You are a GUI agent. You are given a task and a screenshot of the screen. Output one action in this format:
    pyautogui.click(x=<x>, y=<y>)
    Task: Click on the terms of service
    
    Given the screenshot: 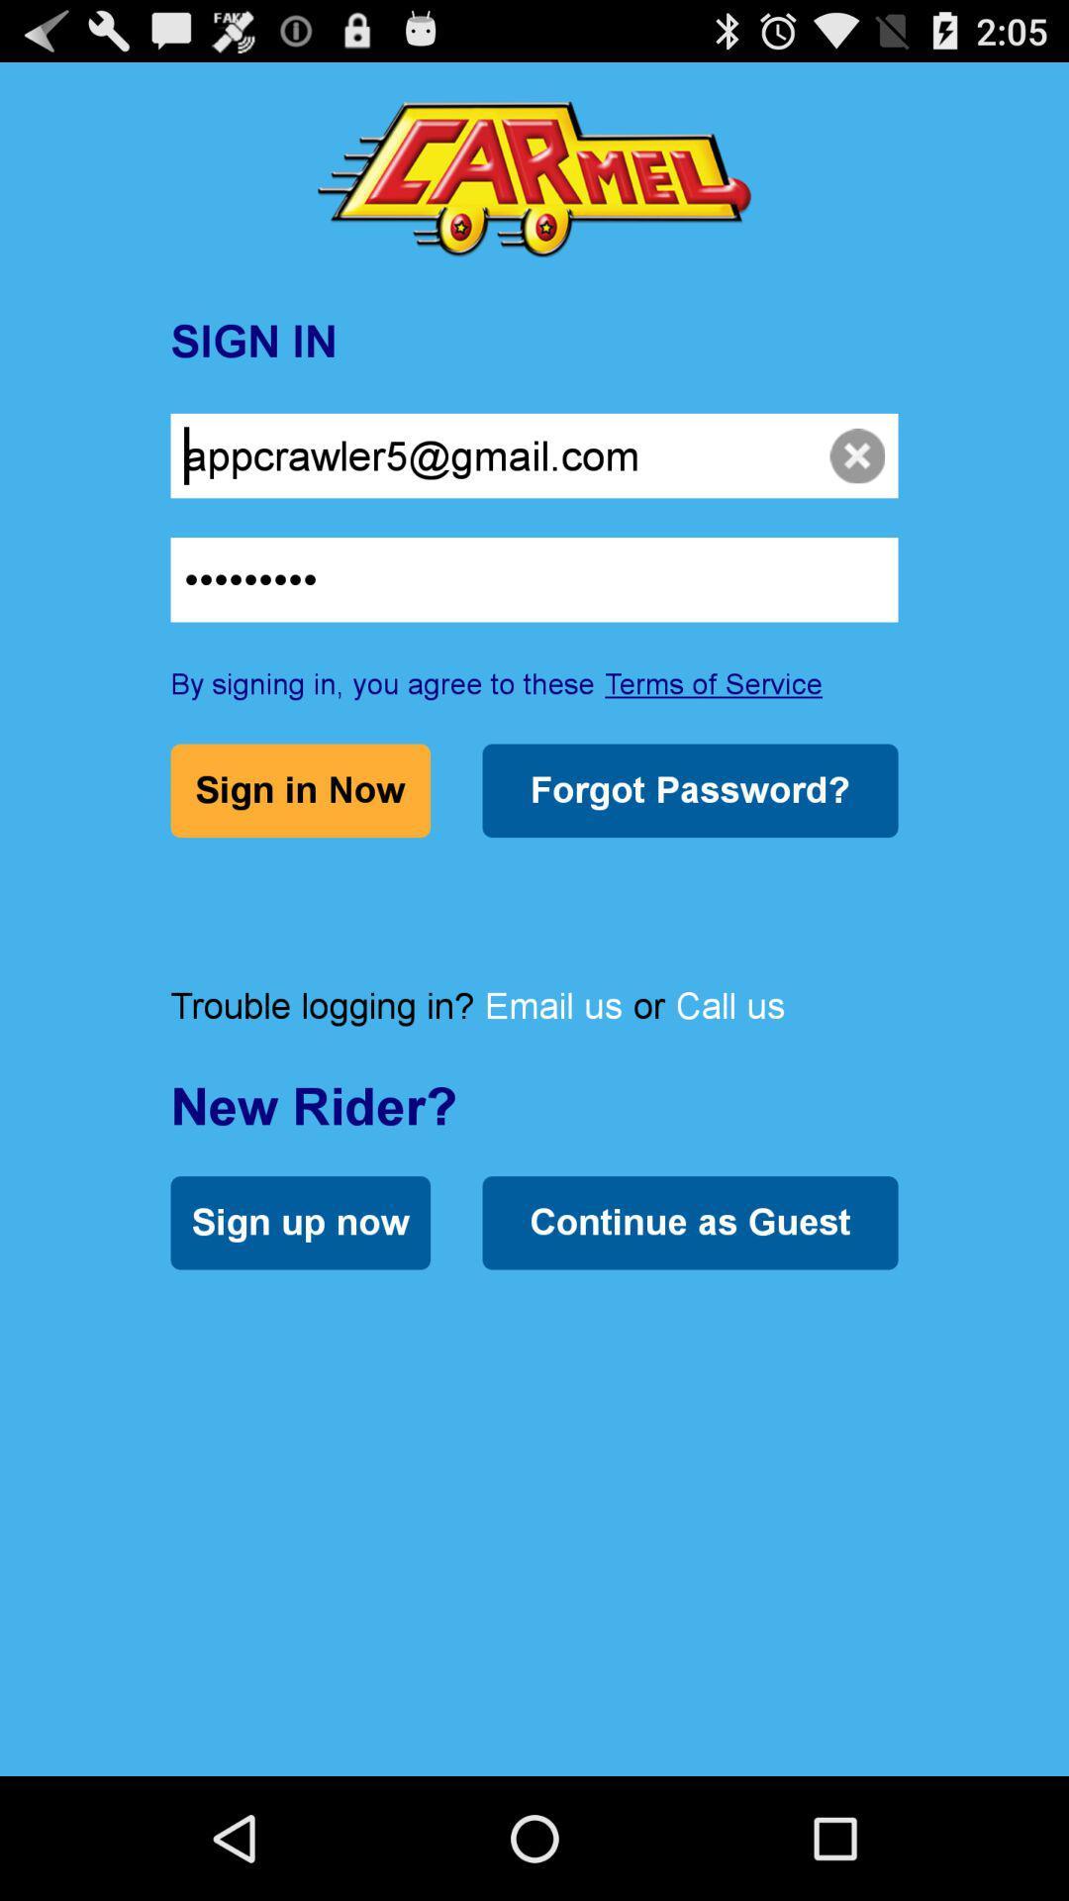 What is the action you would take?
    pyautogui.click(x=714, y=684)
    